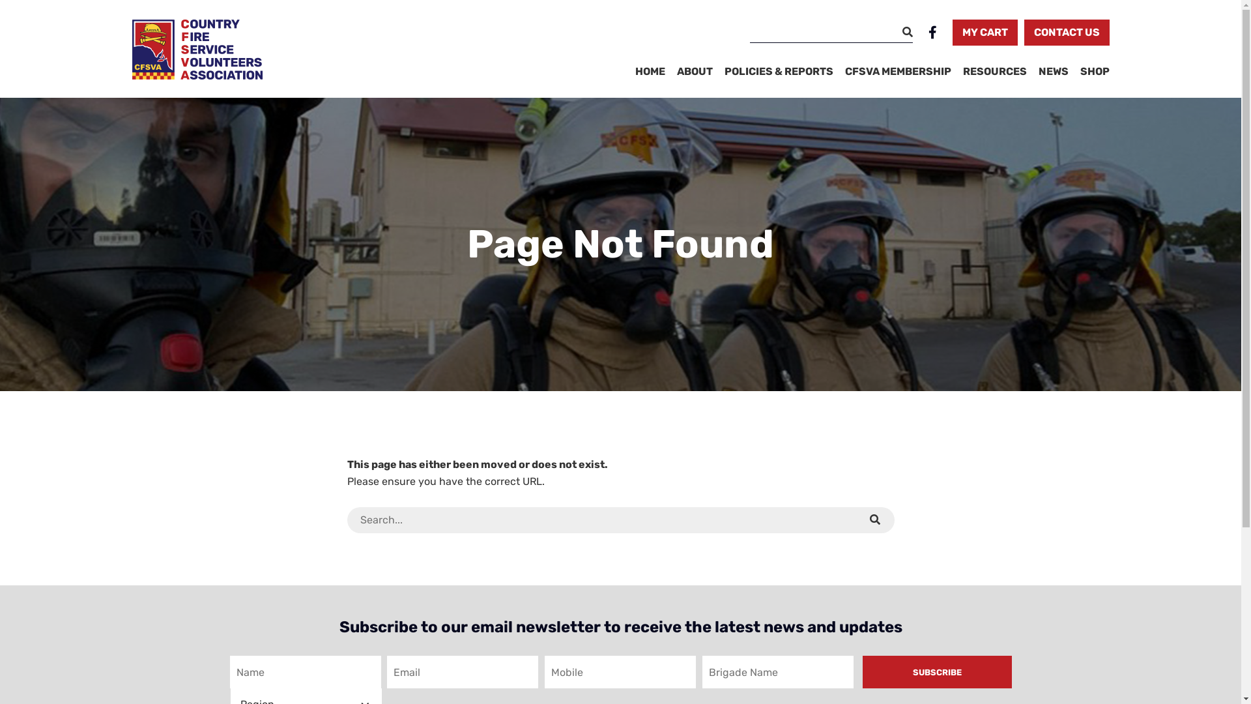 The height and width of the screenshot is (704, 1251). What do you see at coordinates (650, 71) in the screenshot?
I see `'HOME'` at bounding box center [650, 71].